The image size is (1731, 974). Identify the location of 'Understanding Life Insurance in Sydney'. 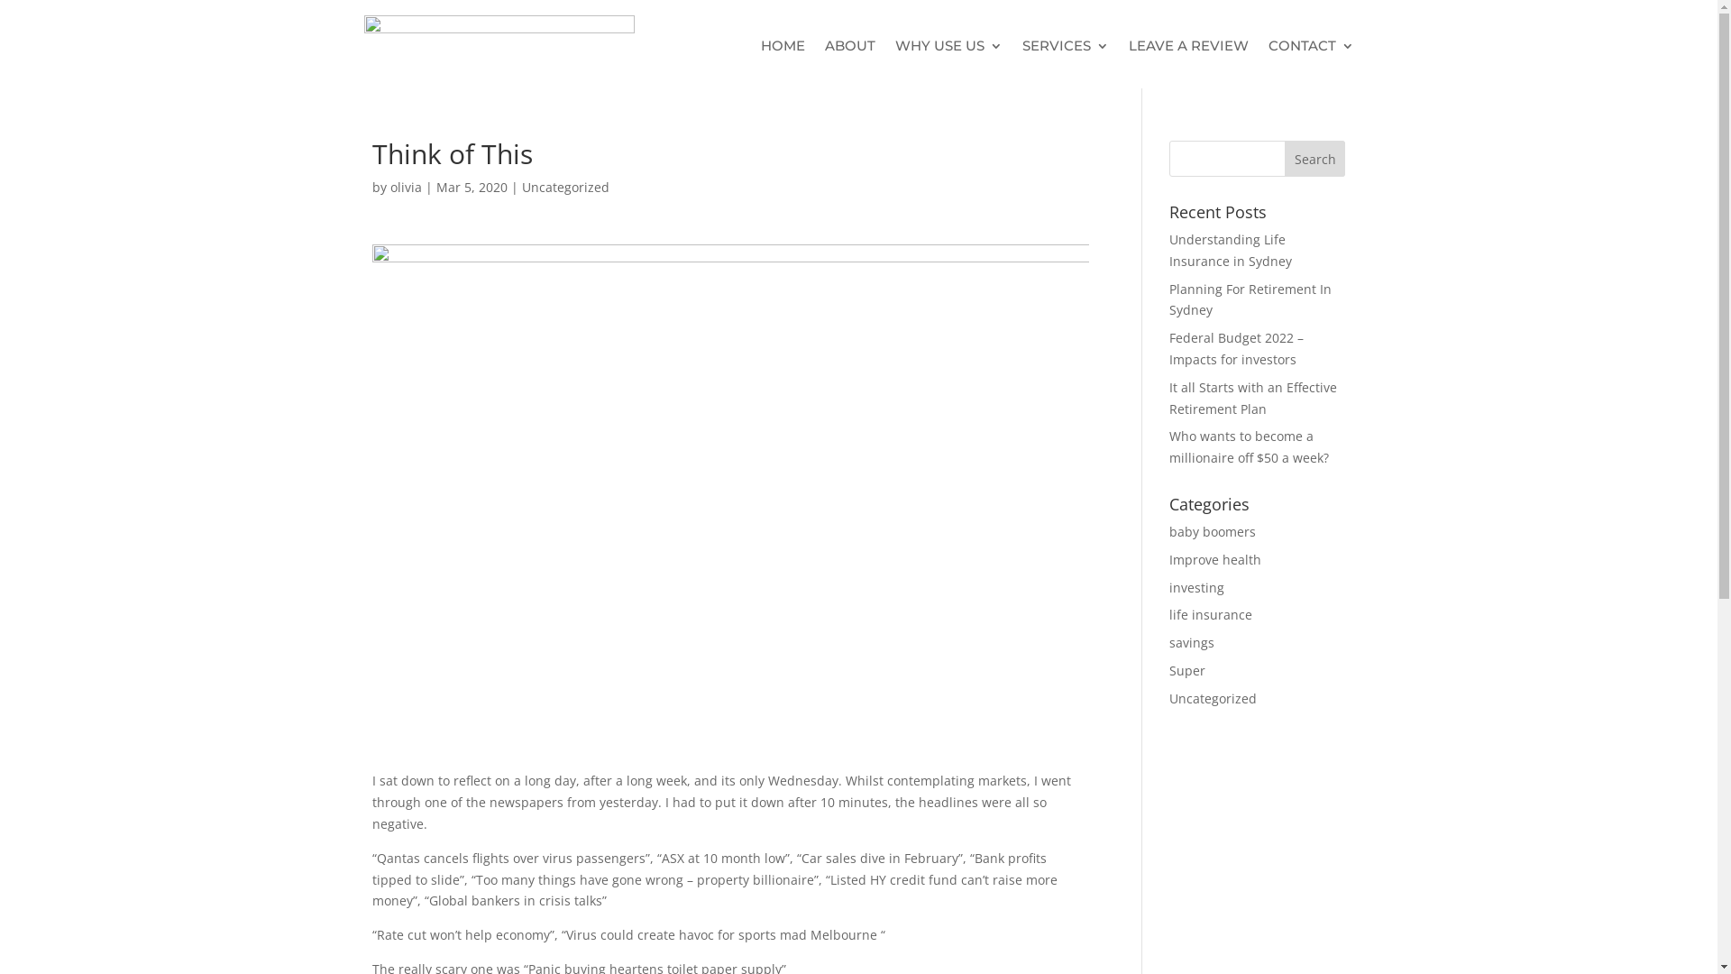
(1229, 250).